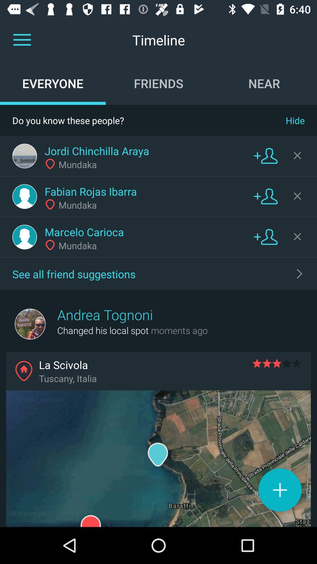 The image size is (317, 564). Describe the element at coordinates (24, 156) in the screenshot. I see `profile` at that location.